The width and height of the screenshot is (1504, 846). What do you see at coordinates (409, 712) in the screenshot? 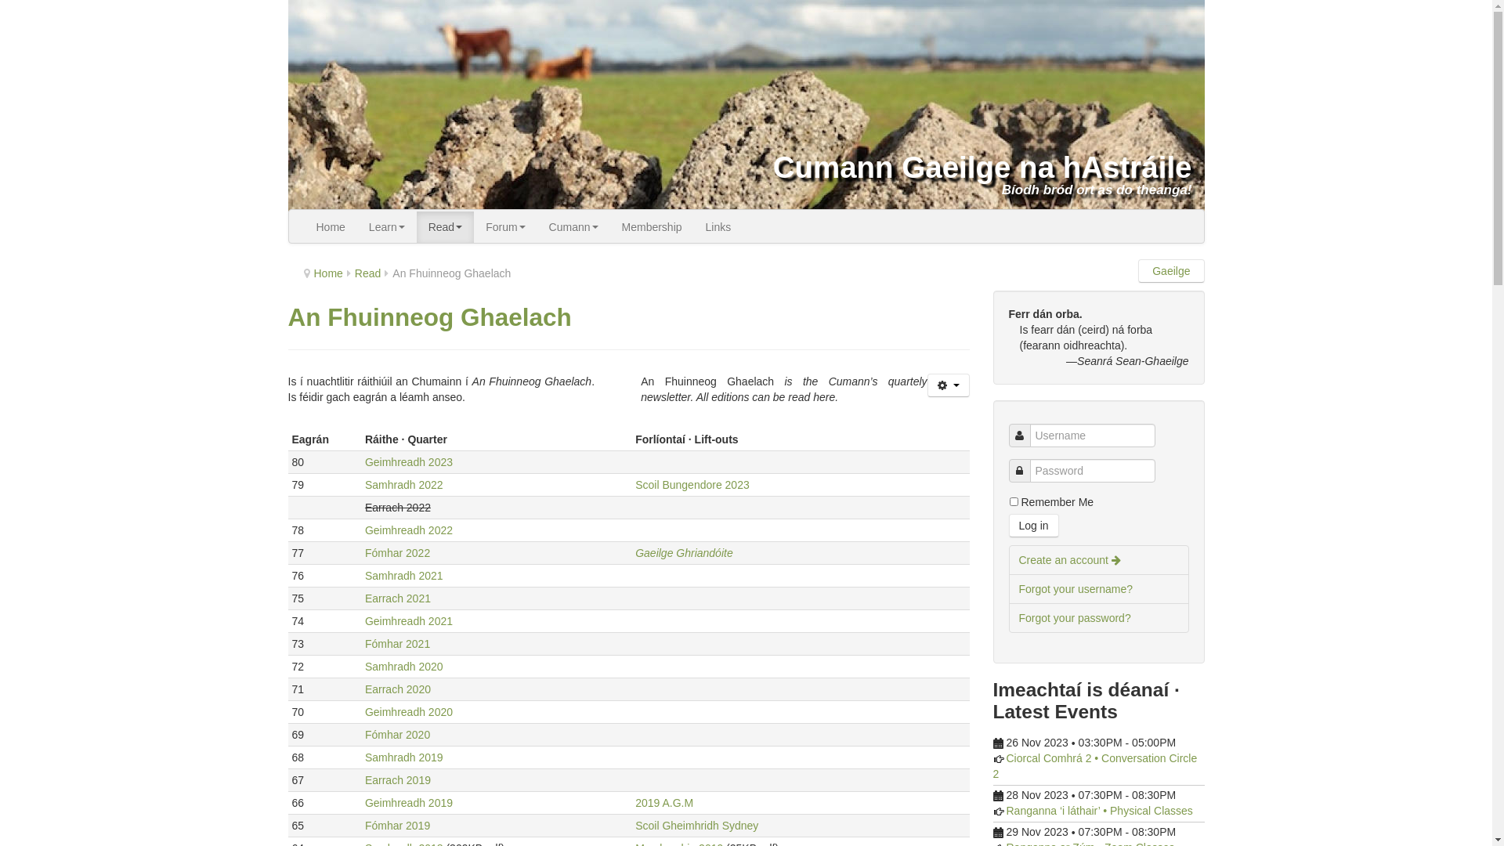
I see `'Geimhreadh 2020'` at bounding box center [409, 712].